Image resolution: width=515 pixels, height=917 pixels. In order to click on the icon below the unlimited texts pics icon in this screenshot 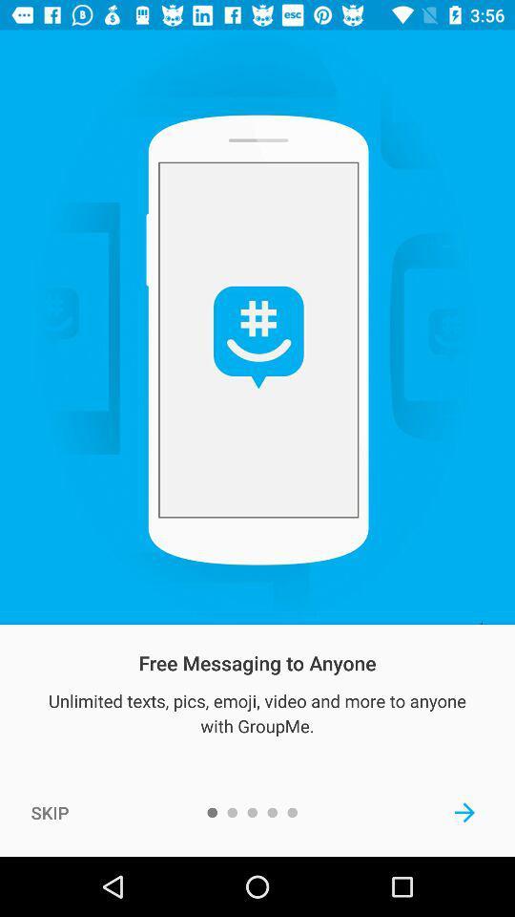, I will do `click(463, 811)`.